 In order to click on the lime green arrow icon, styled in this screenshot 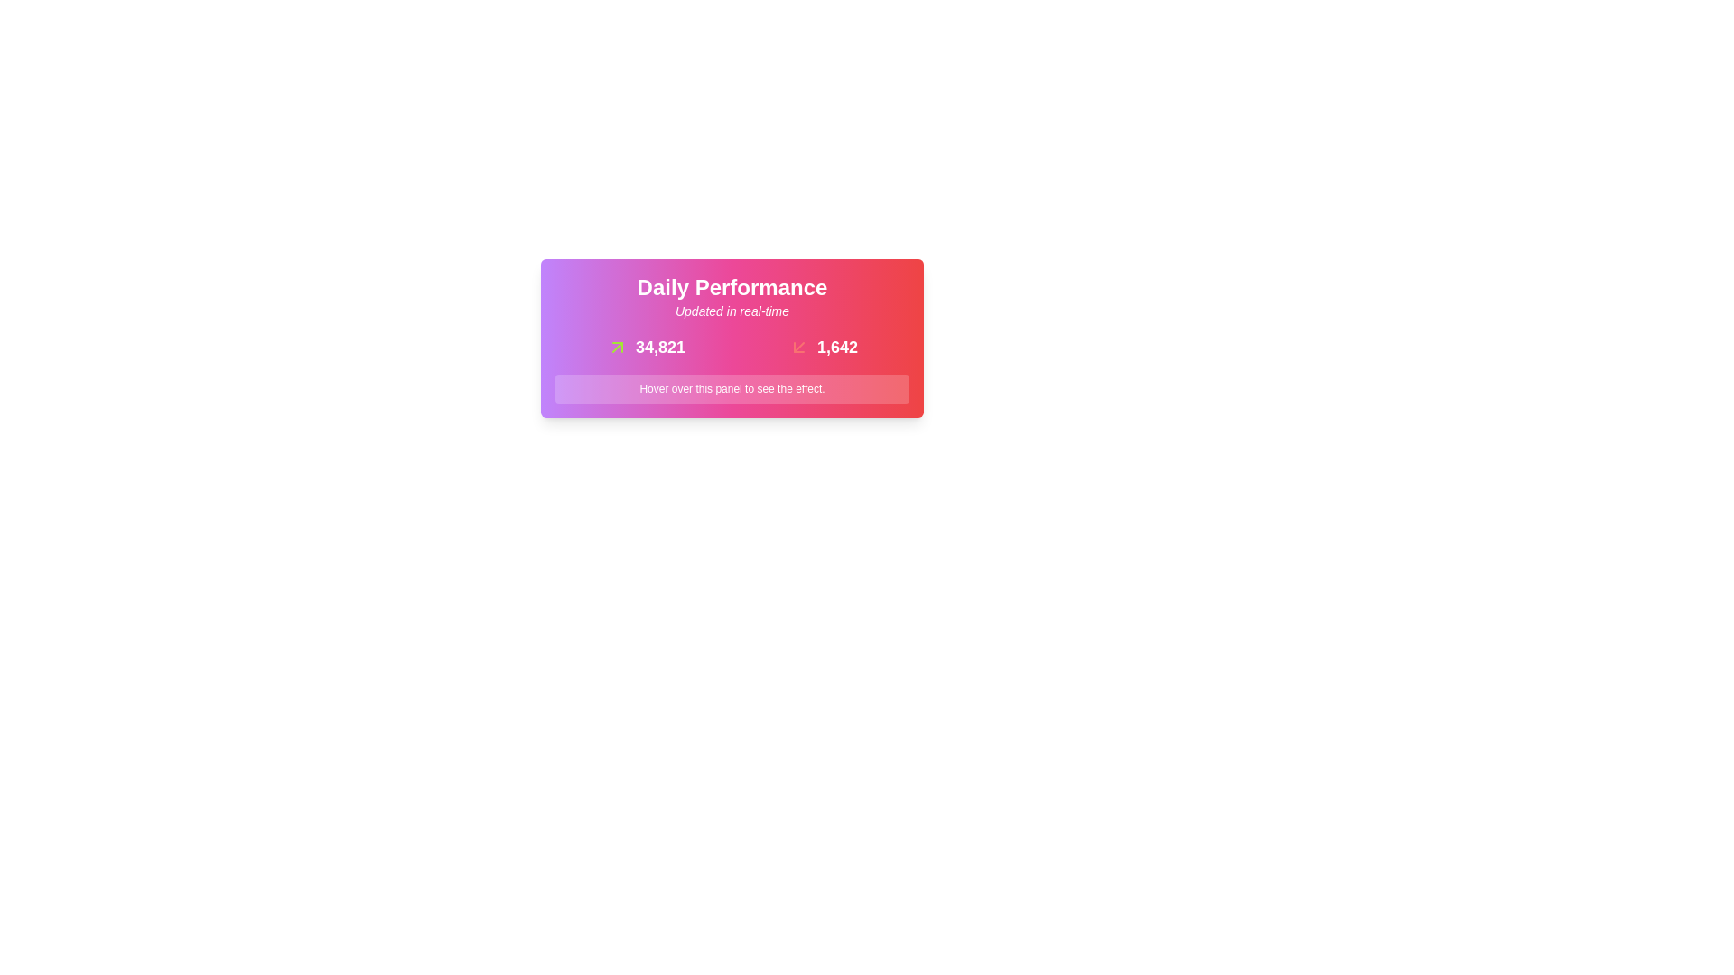, I will do `click(617, 348)`.